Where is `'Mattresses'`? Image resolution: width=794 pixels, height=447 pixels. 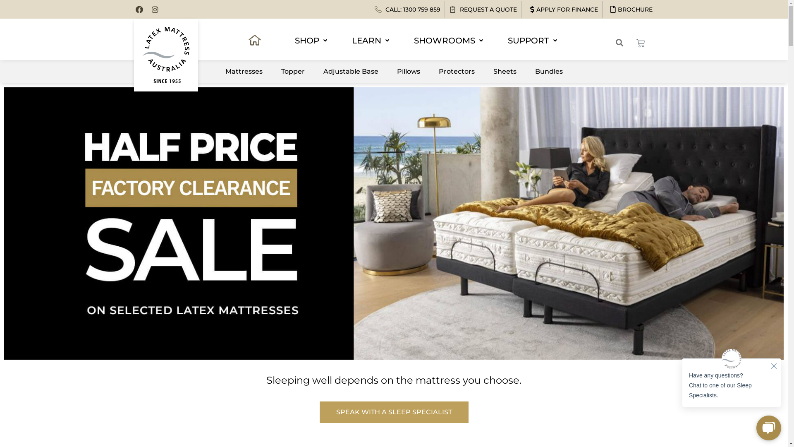
'Mattresses' is located at coordinates (244, 71).